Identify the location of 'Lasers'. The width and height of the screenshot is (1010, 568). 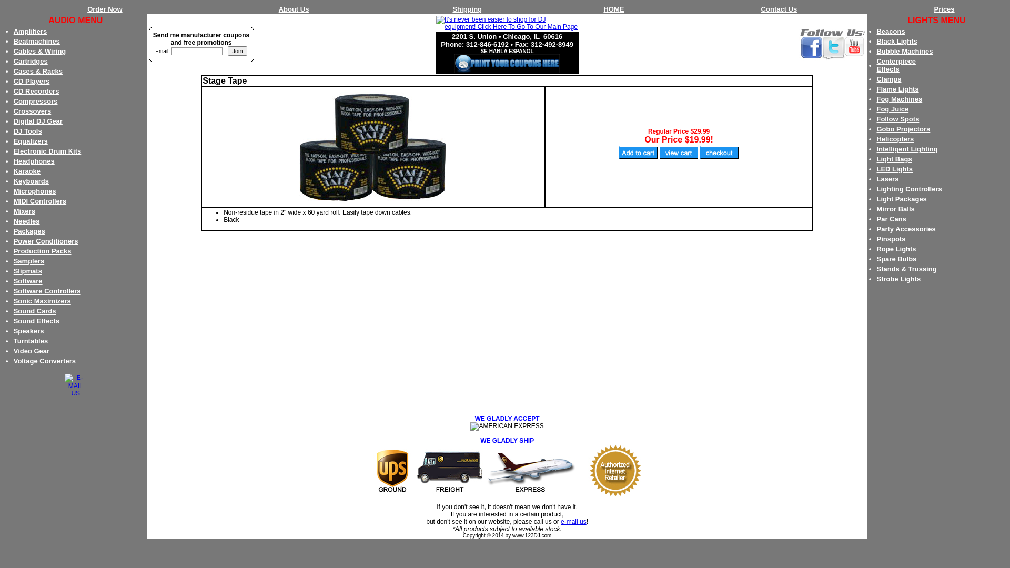
(886, 178).